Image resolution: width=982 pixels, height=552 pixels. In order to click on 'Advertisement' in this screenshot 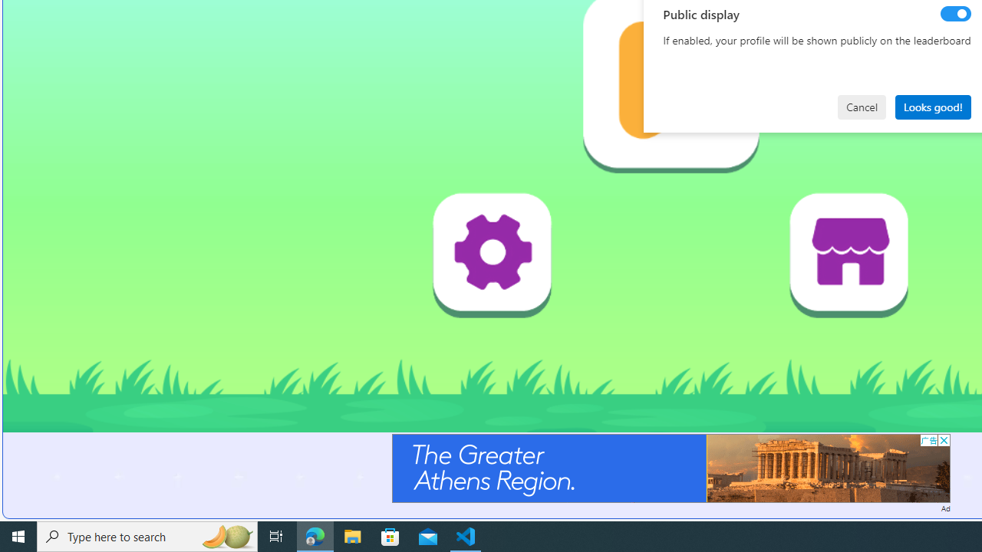, I will do `click(671, 467)`.